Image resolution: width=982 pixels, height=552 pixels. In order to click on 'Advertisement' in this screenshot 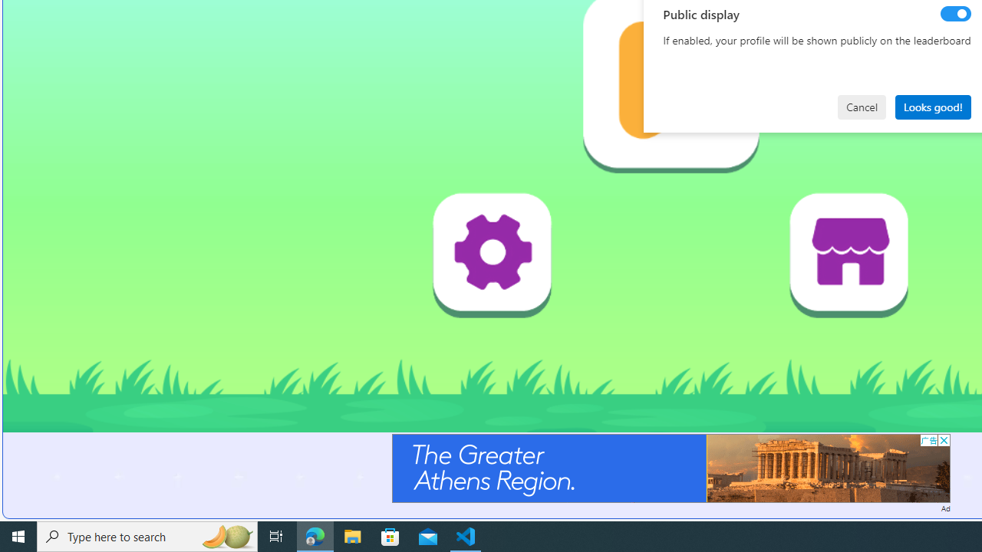, I will do `click(671, 467)`.